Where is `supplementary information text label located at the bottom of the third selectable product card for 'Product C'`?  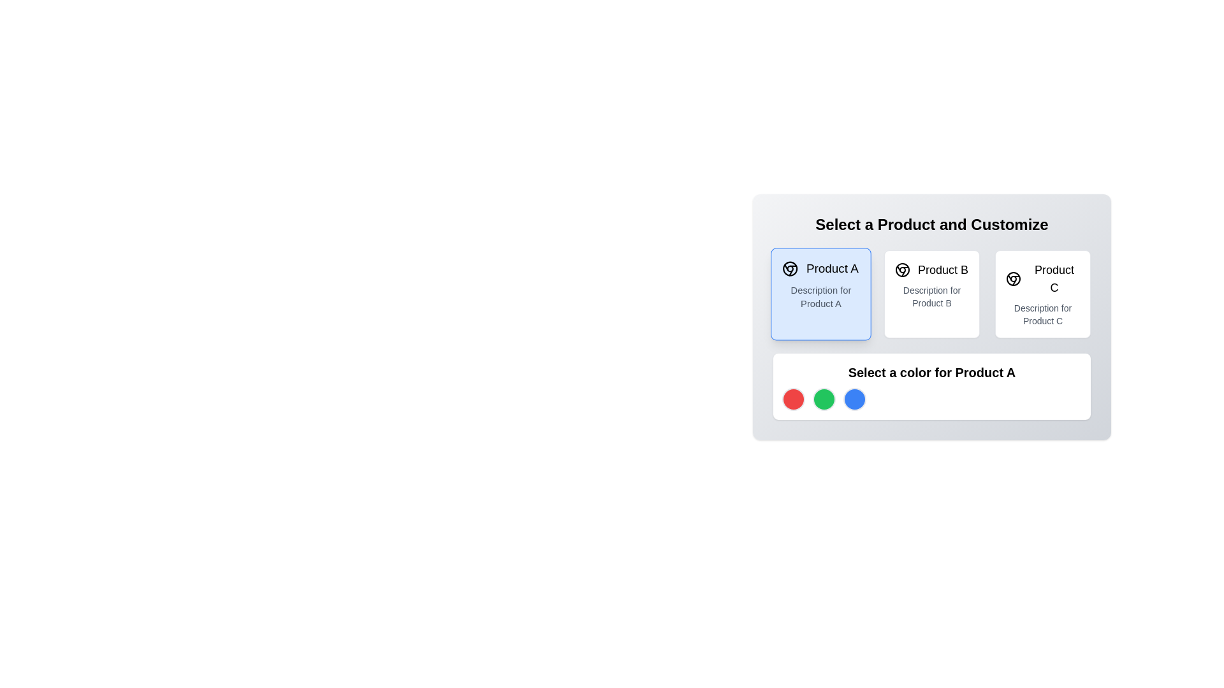
supplementary information text label located at the bottom of the third selectable product card for 'Product C' is located at coordinates (1043, 314).